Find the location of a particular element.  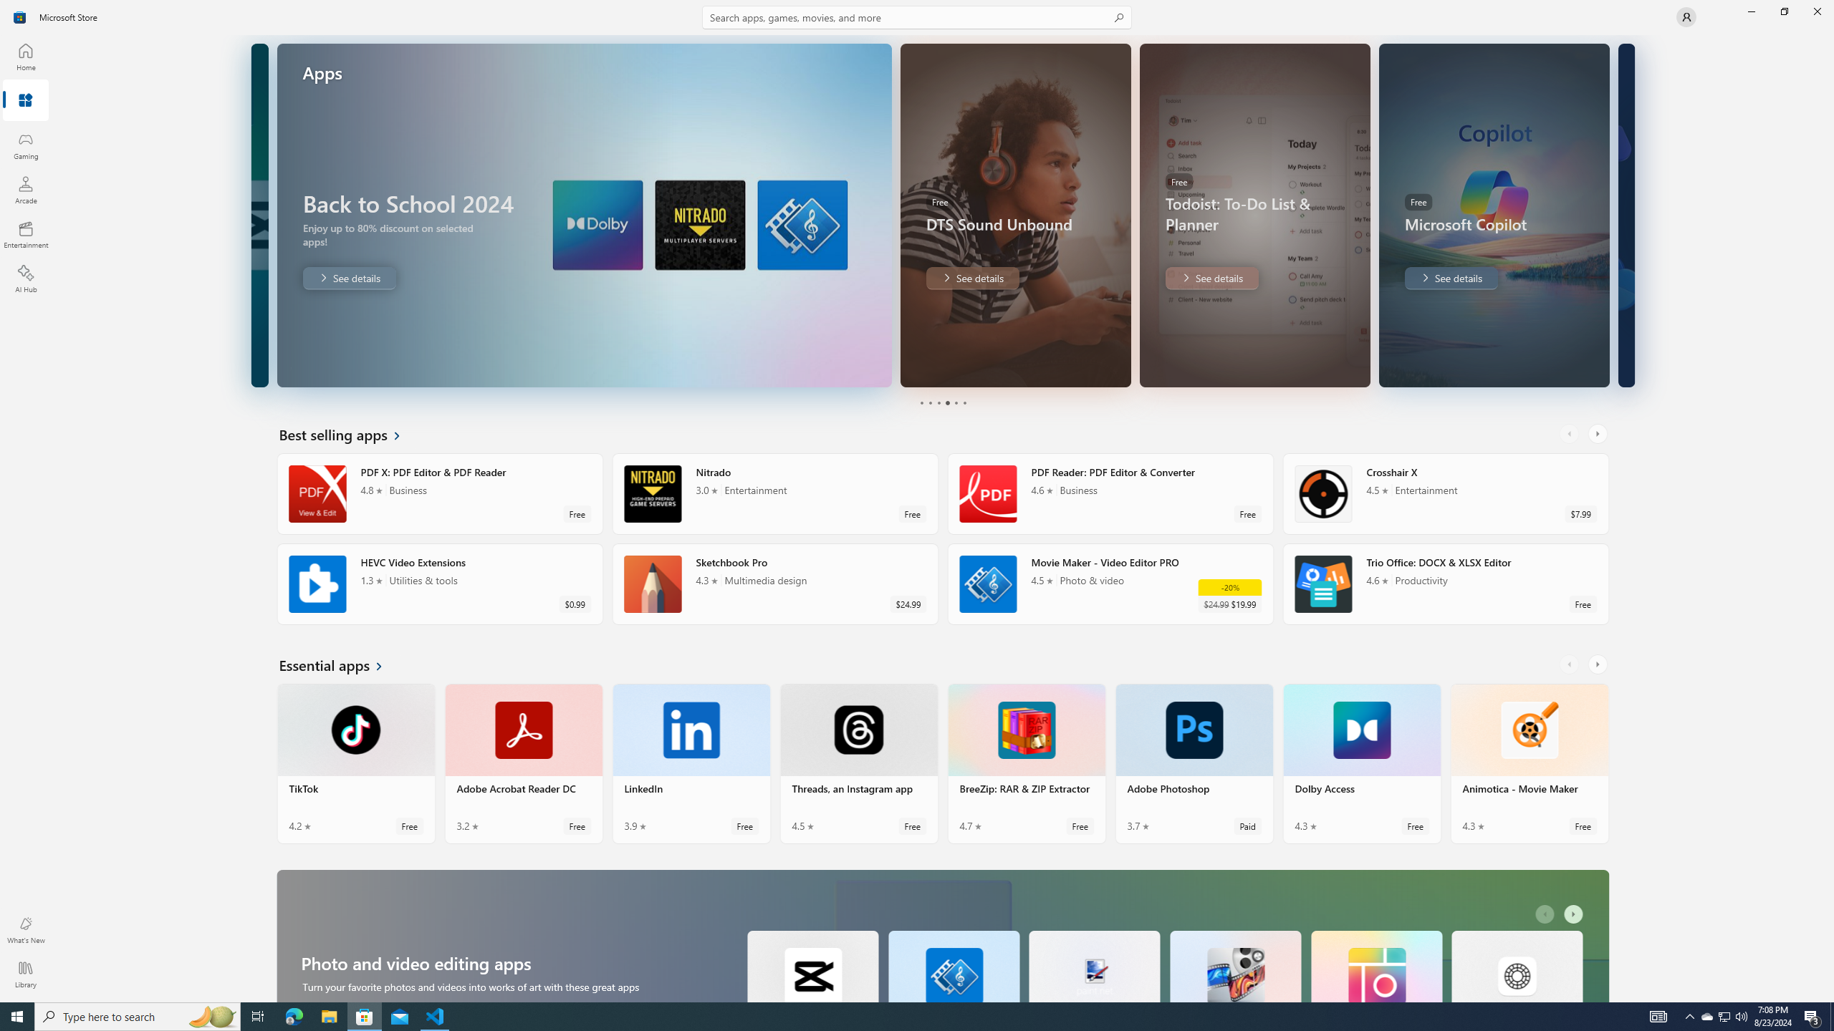

'TikTok. Average rating of 4.2 out of five stars. Free  ' is located at coordinates (356, 763).